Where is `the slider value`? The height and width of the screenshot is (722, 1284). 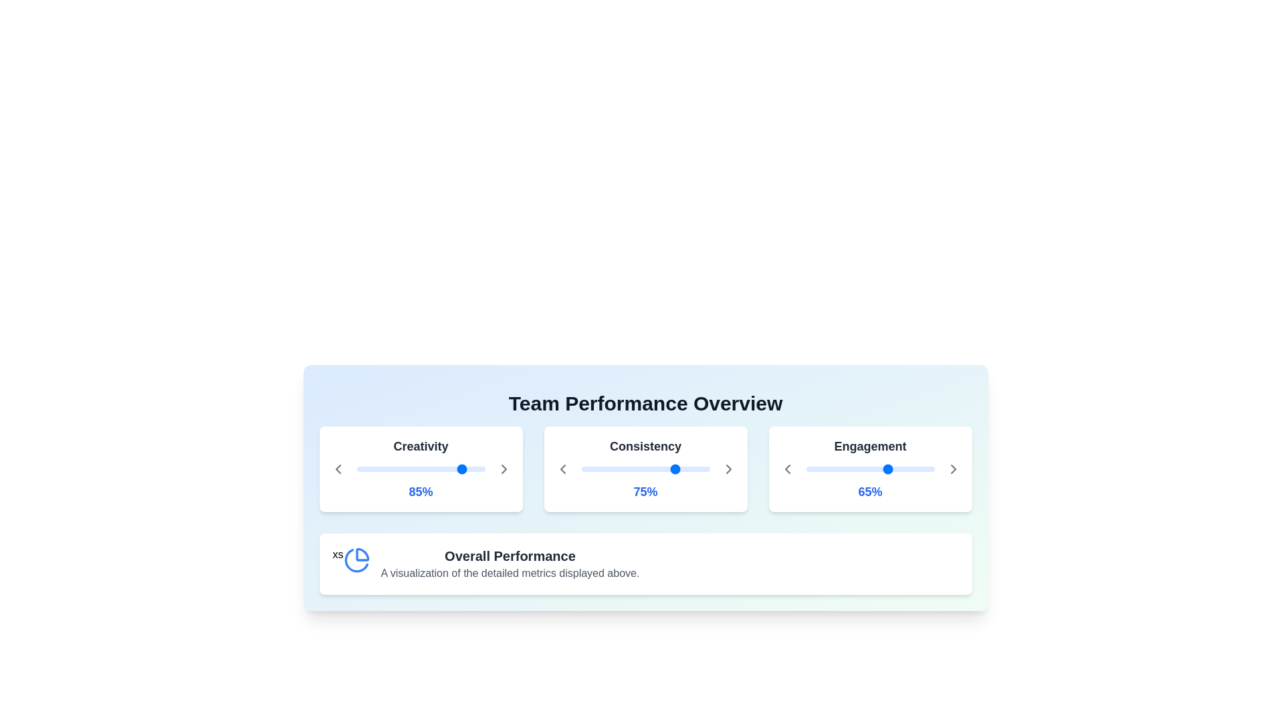 the slider value is located at coordinates (700, 469).